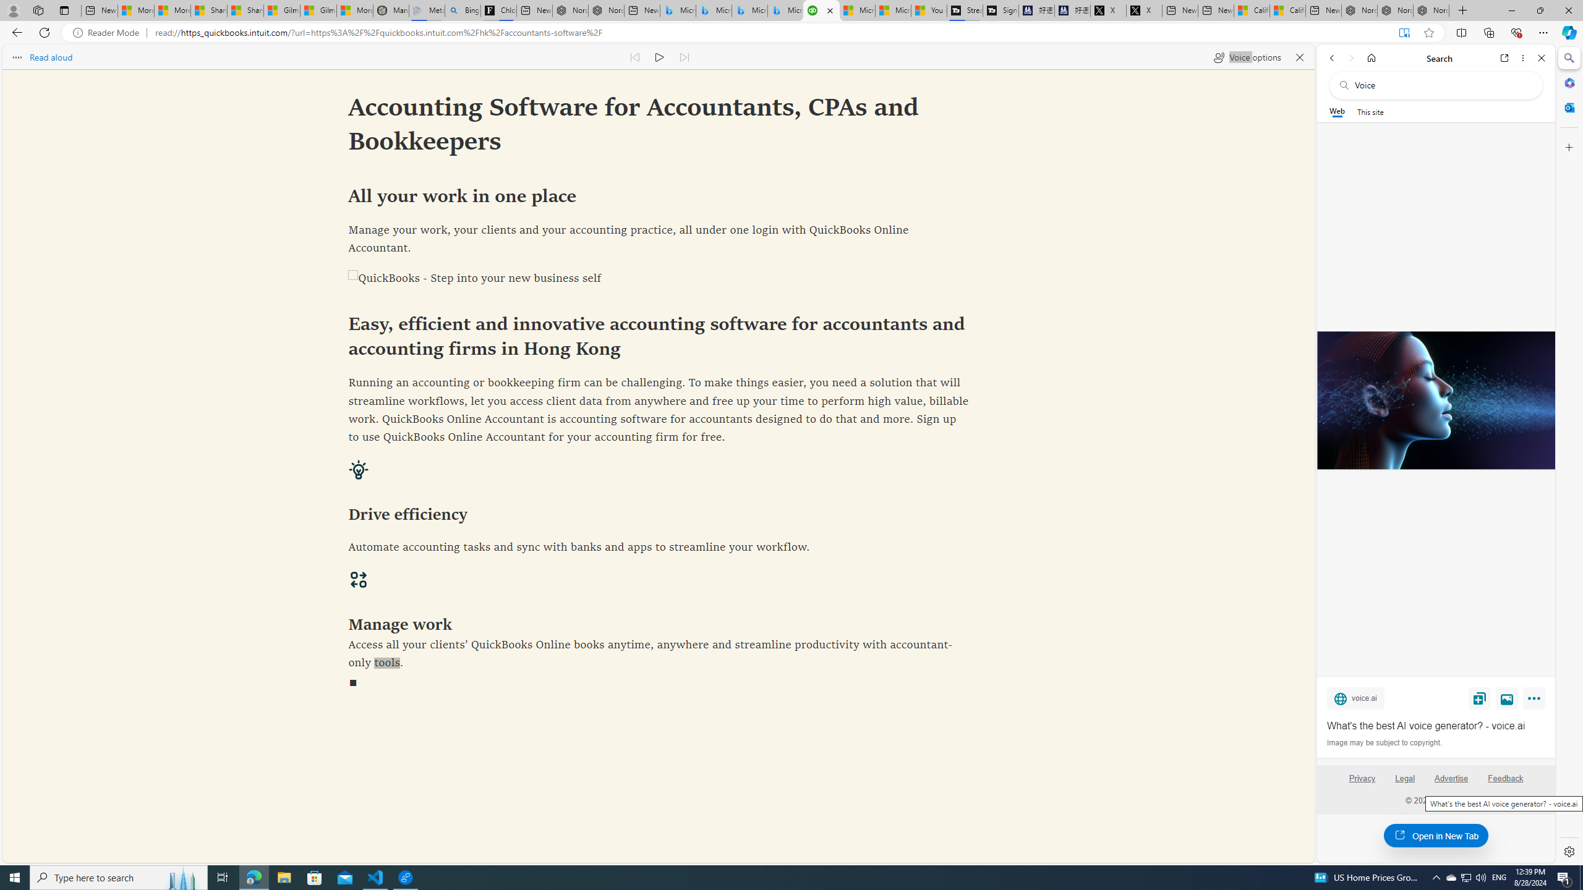 The height and width of the screenshot is (890, 1583). What do you see at coordinates (1436, 835) in the screenshot?
I see `'Open in New Tab'` at bounding box center [1436, 835].